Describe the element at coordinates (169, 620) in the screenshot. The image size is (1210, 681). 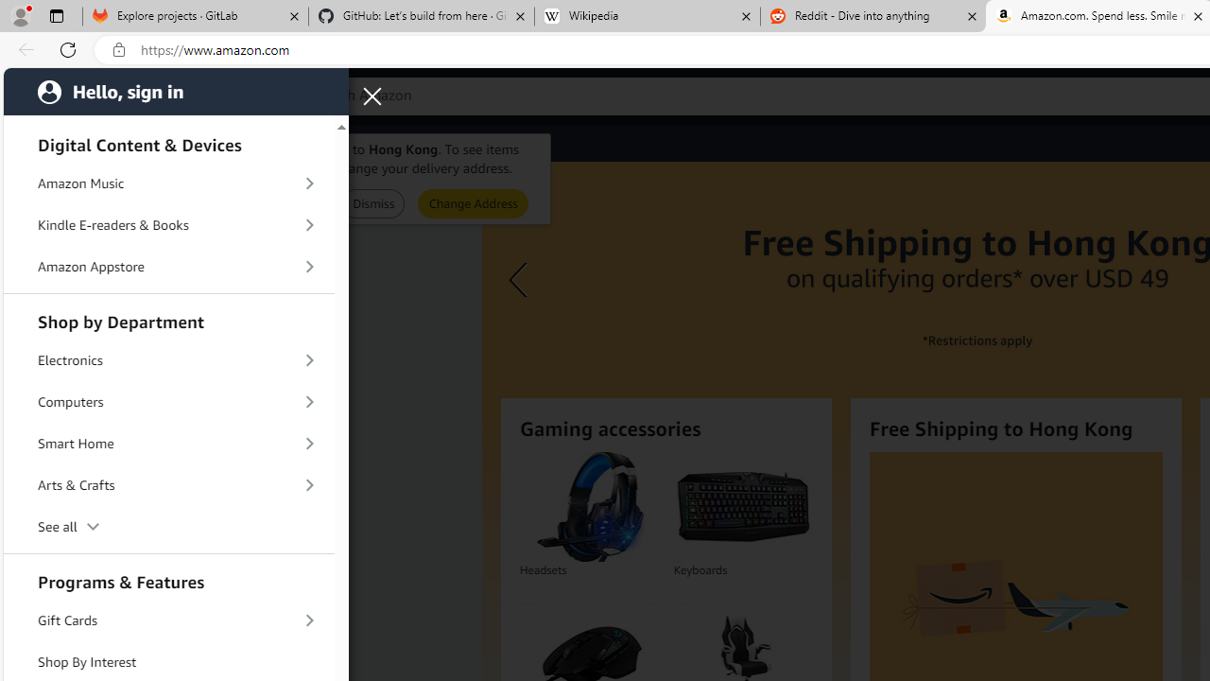
I see `'Gift Cards'` at that location.